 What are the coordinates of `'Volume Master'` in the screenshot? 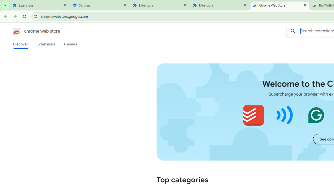 It's located at (284, 115).